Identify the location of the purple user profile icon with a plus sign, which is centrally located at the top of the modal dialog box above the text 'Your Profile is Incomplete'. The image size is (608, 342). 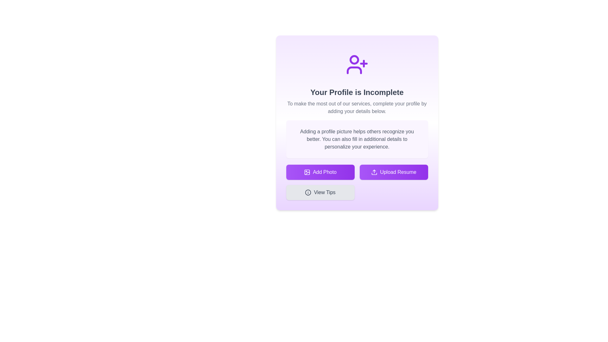
(357, 65).